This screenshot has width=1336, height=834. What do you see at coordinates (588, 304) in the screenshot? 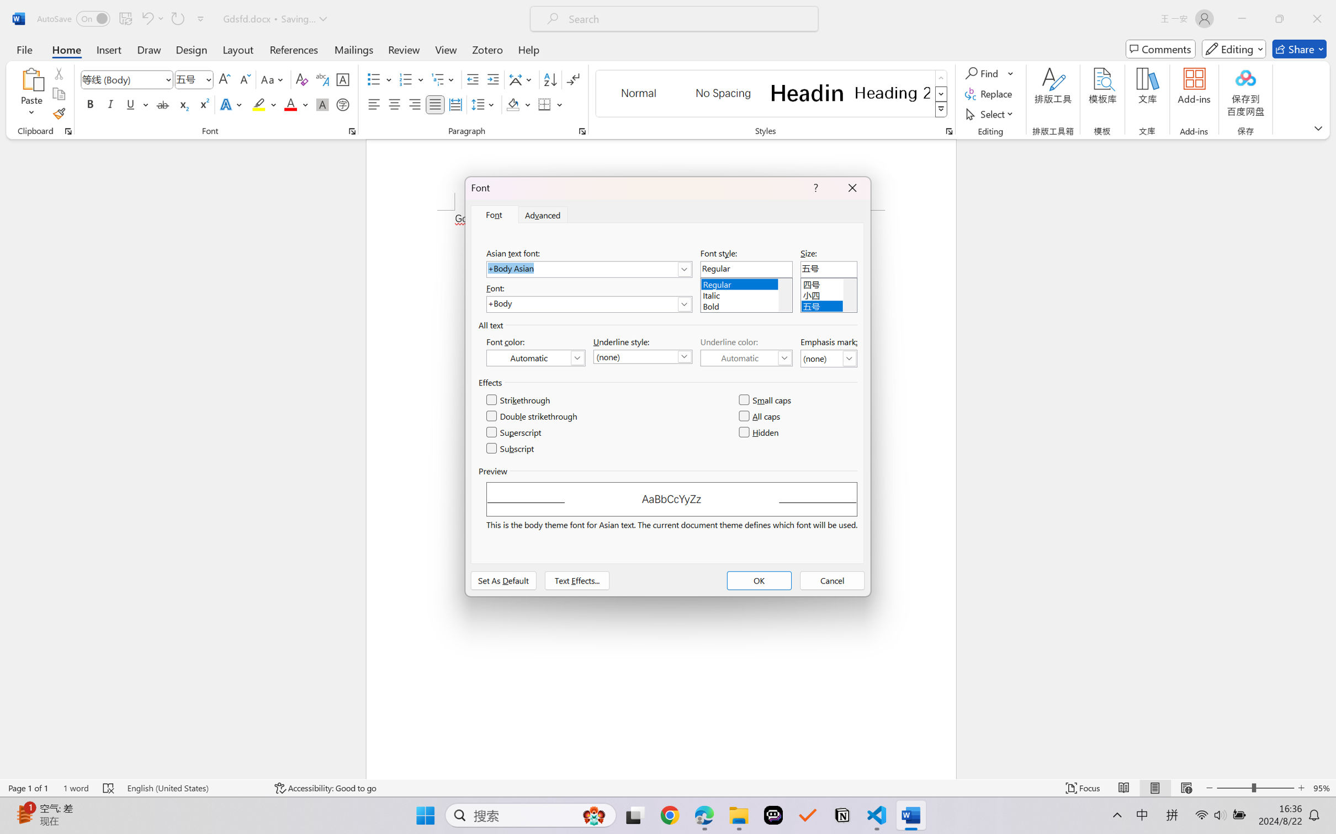
I see `'Font:'` at bounding box center [588, 304].